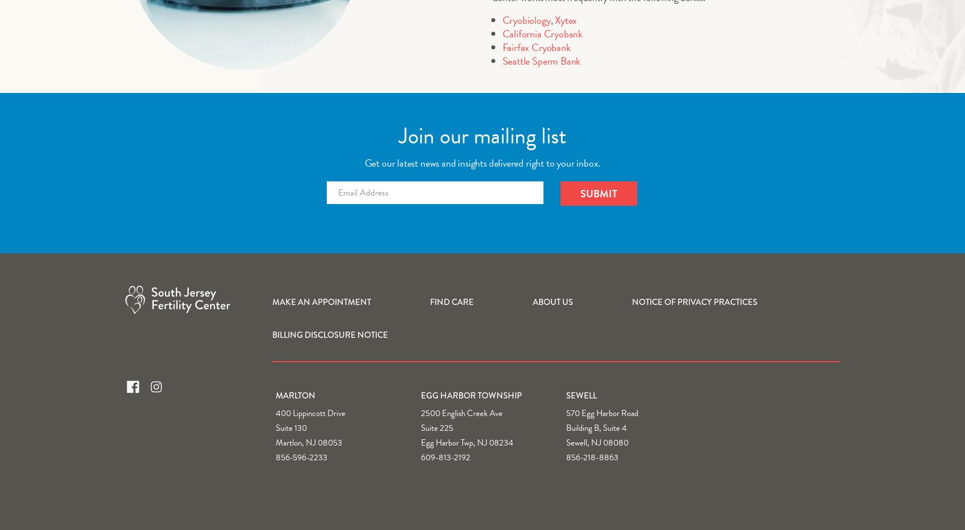 The width and height of the screenshot is (965, 530). What do you see at coordinates (694, 301) in the screenshot?
I see `'Notice of Privacy Practices'` at bounding box center [694, 301].